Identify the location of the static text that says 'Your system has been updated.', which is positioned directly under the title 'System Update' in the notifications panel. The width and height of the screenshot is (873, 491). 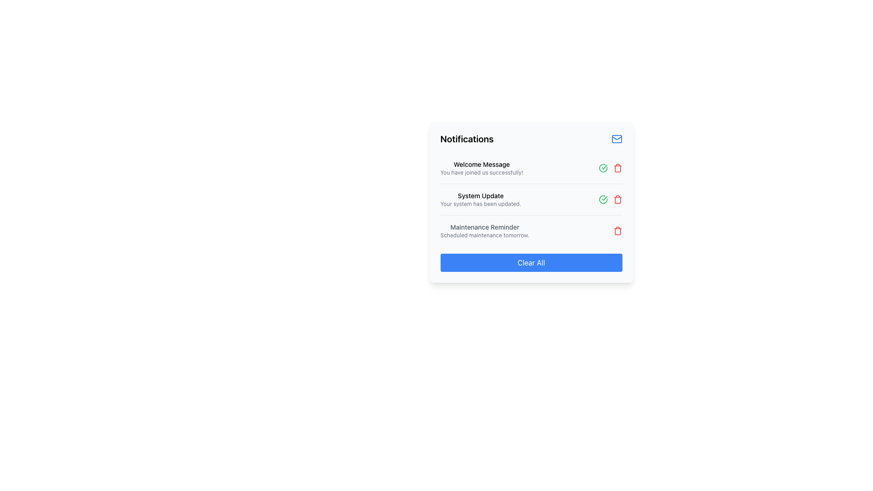
(480, 203).